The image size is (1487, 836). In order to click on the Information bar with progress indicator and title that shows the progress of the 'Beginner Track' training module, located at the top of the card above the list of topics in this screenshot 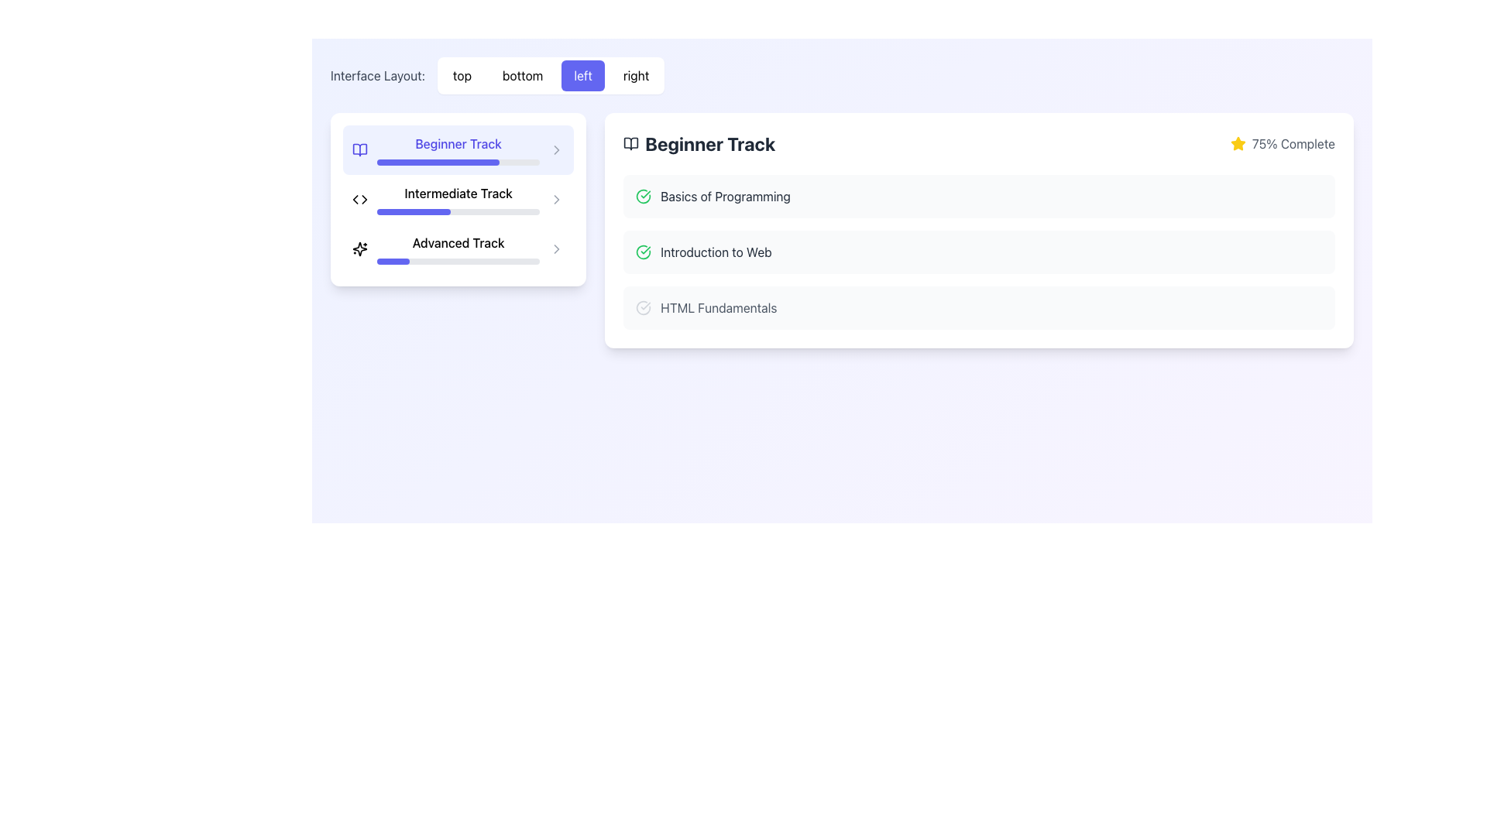, I will do `click(978, 143)`.